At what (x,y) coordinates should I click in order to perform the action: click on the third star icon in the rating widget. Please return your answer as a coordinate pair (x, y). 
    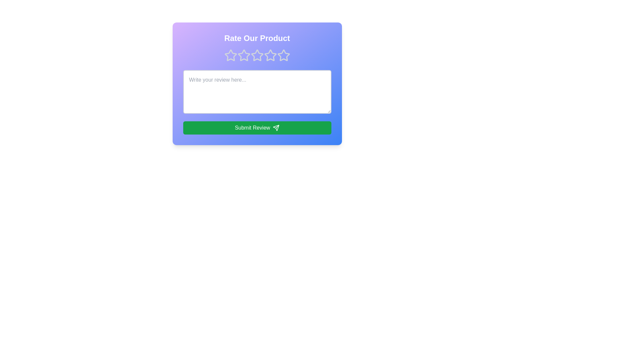
    Looking at the image, I should click on (270, 55).